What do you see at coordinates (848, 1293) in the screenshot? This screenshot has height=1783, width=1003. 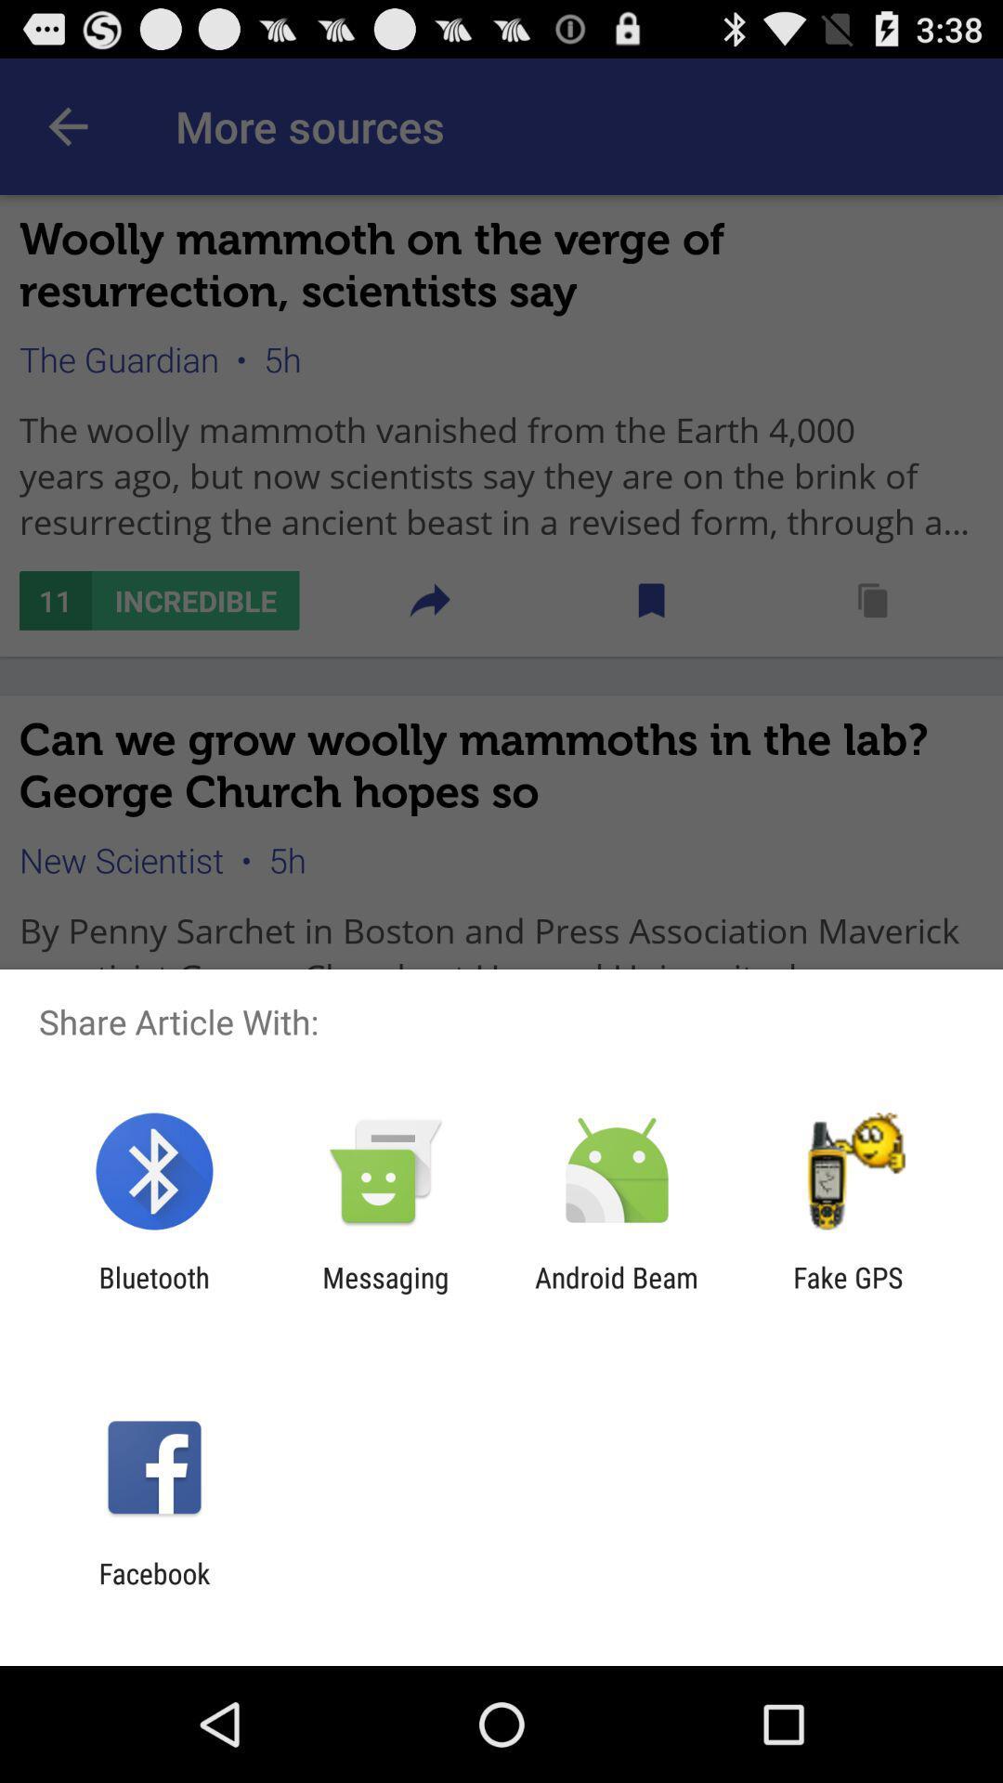 I see `the app next to the android beam` at bounding box center [848, 1293].